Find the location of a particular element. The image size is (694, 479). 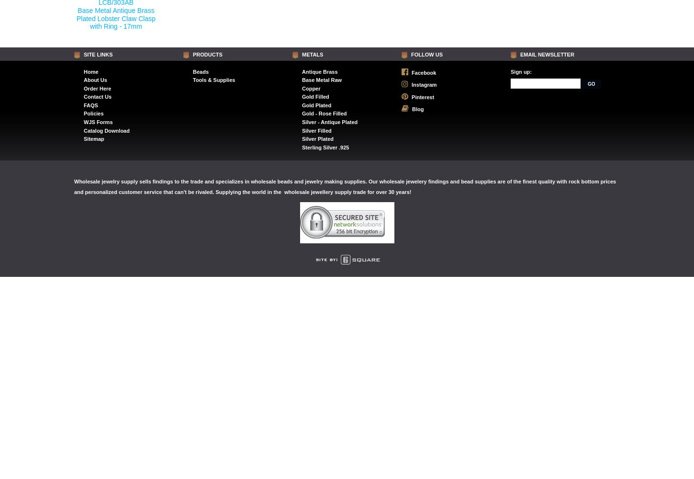

'Home' is located at coordinates (83, 71).